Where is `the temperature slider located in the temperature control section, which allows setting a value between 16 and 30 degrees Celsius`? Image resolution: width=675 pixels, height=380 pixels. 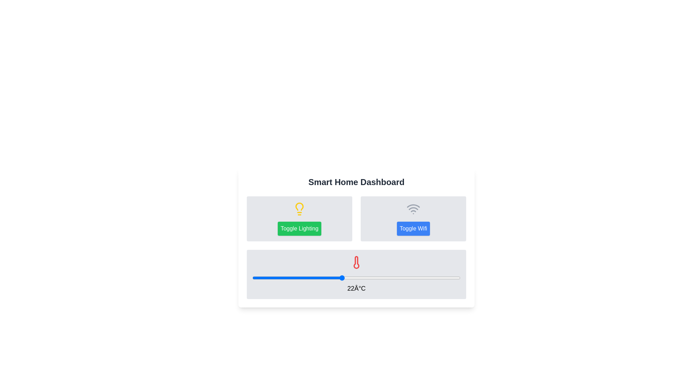
the temperature slider located in the temperature control section, which allows setting a value between 16 and 30 degrees Celsius is located at coordinates (356, 278).